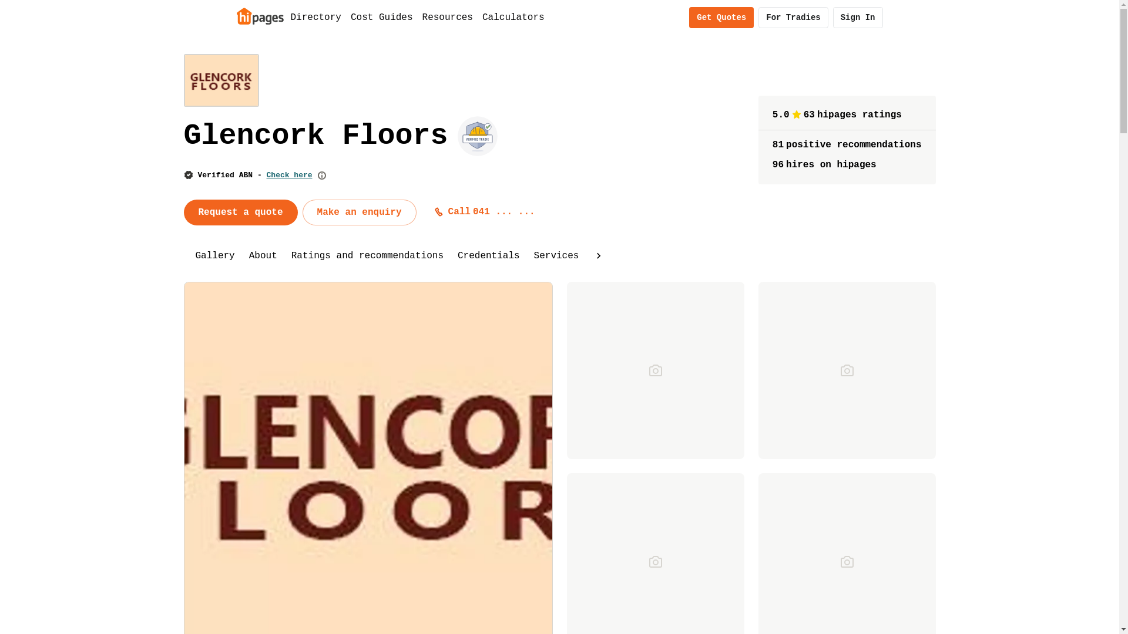 The height and width of the screenshot is (634, 1128). Describe the element at coordinates (258, 16) in the screenshot. I see `'Home'` at that location.